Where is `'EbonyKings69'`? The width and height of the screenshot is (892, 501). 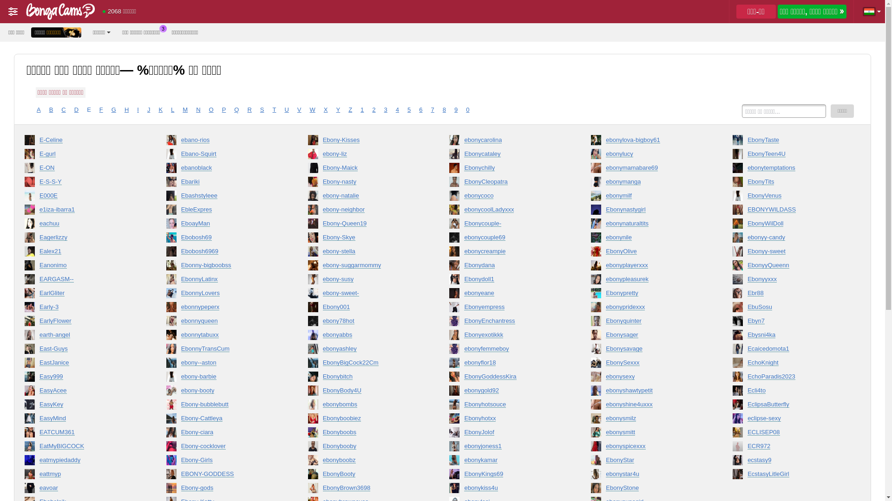 'EbonyKings69' is located at coordinates (506, 476).